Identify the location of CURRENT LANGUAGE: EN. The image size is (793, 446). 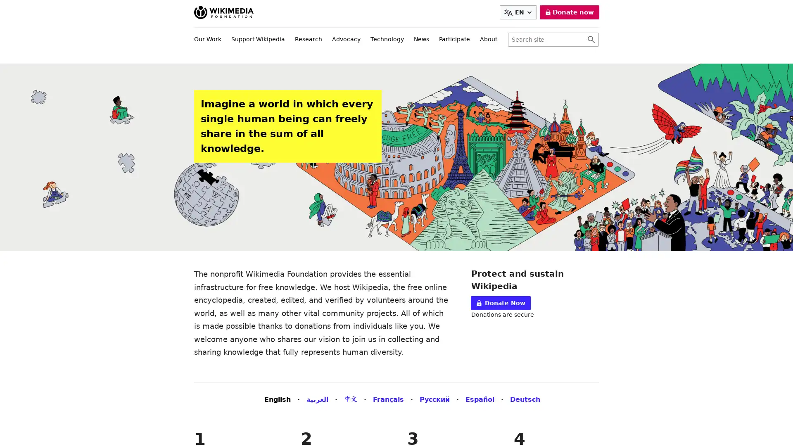
(519, 12).